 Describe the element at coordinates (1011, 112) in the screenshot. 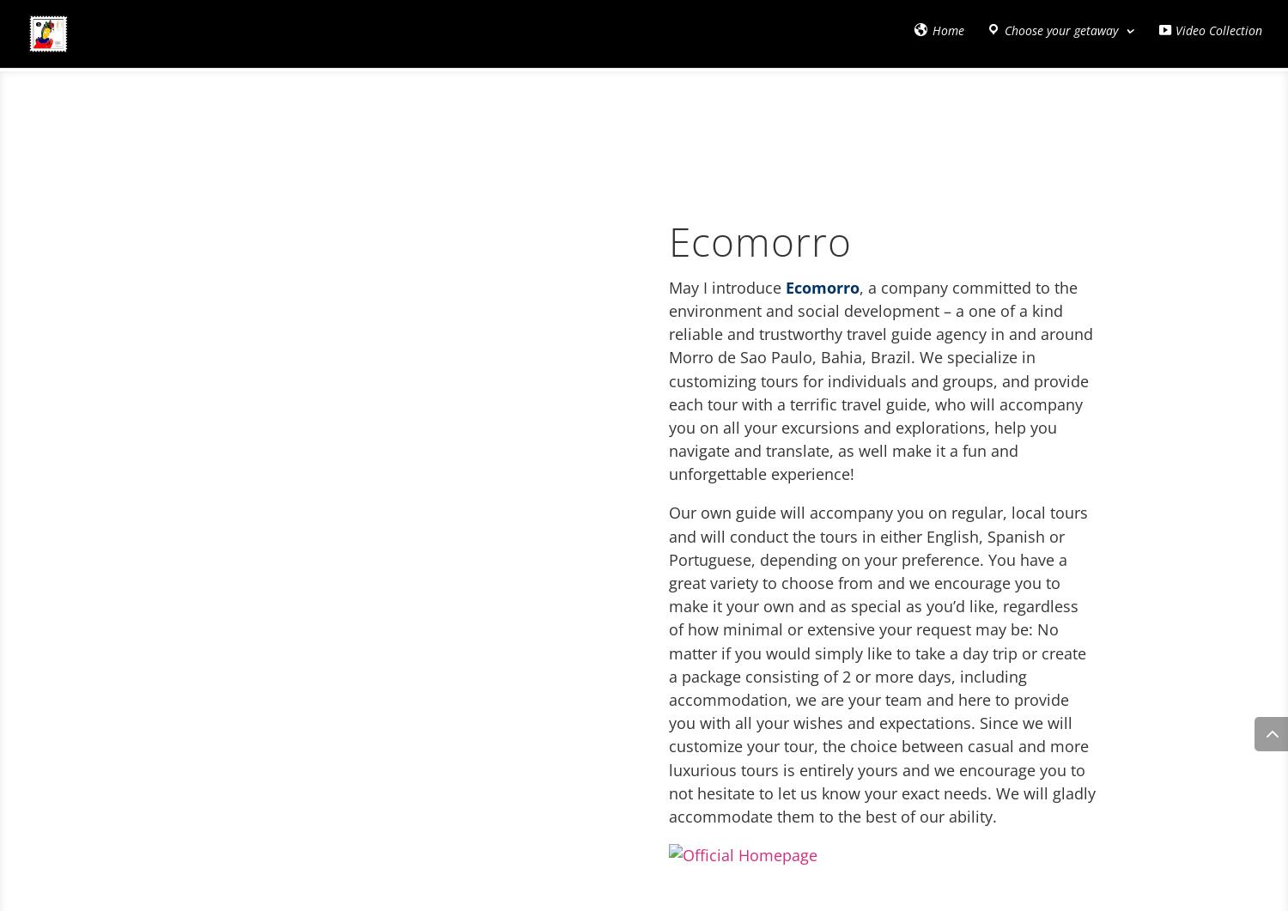

I see `'All Seasons'` at that location.